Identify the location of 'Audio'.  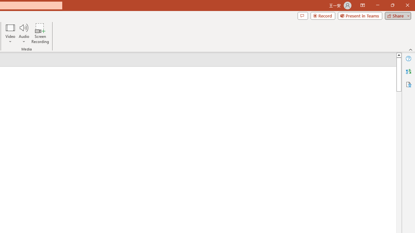
(24, 33).